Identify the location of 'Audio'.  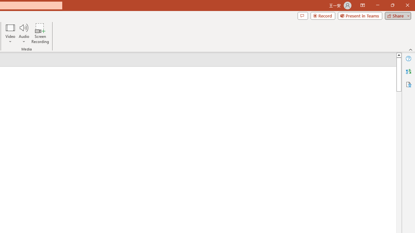
(24, 33).